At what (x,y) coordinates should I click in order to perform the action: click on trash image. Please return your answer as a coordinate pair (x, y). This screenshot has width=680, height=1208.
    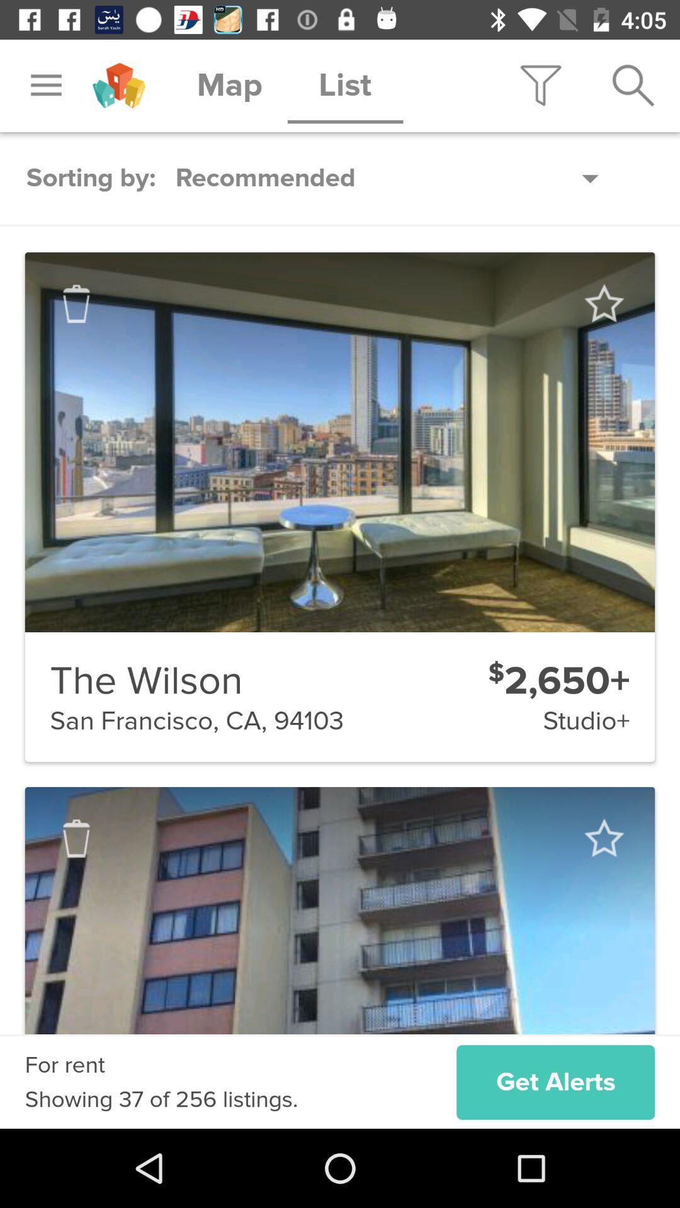
    Looking at the image, I should click on (76, 304).